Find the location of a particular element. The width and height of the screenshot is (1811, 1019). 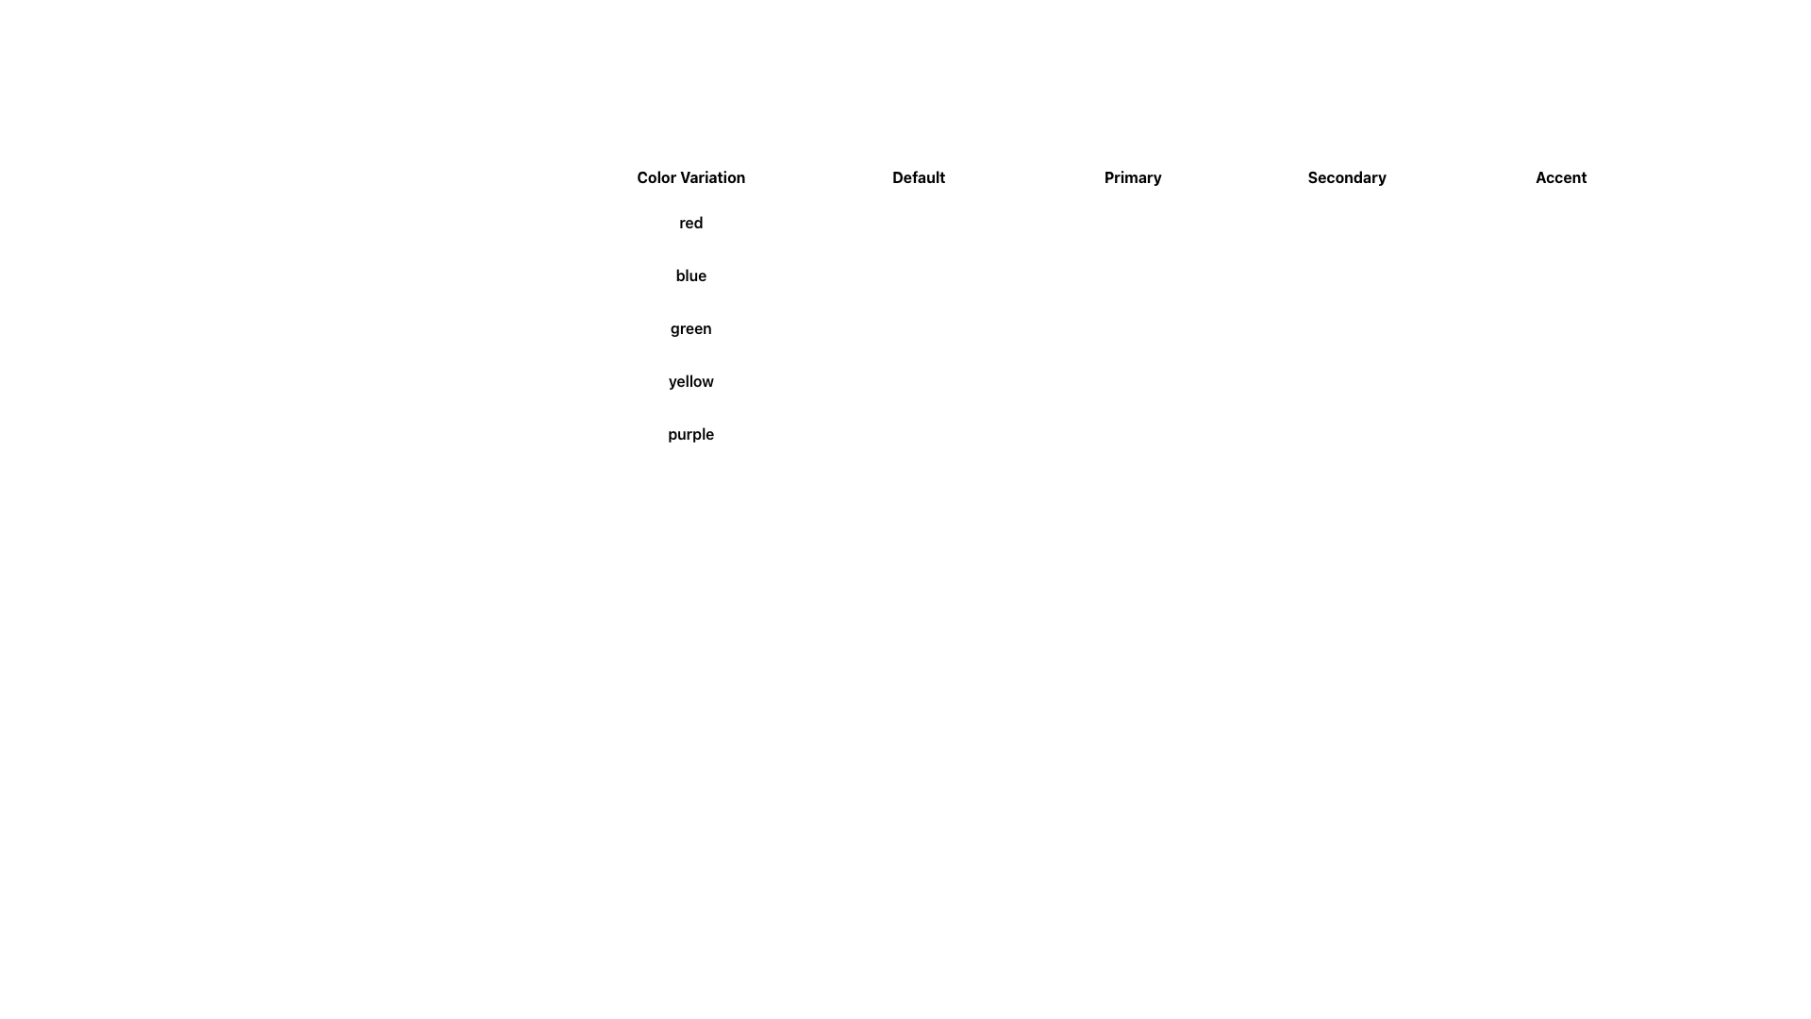

the informational icon located at the top-right corner of the red button labeled 'red', which provides additional details related to the button is located at coordinates (1089, 221).